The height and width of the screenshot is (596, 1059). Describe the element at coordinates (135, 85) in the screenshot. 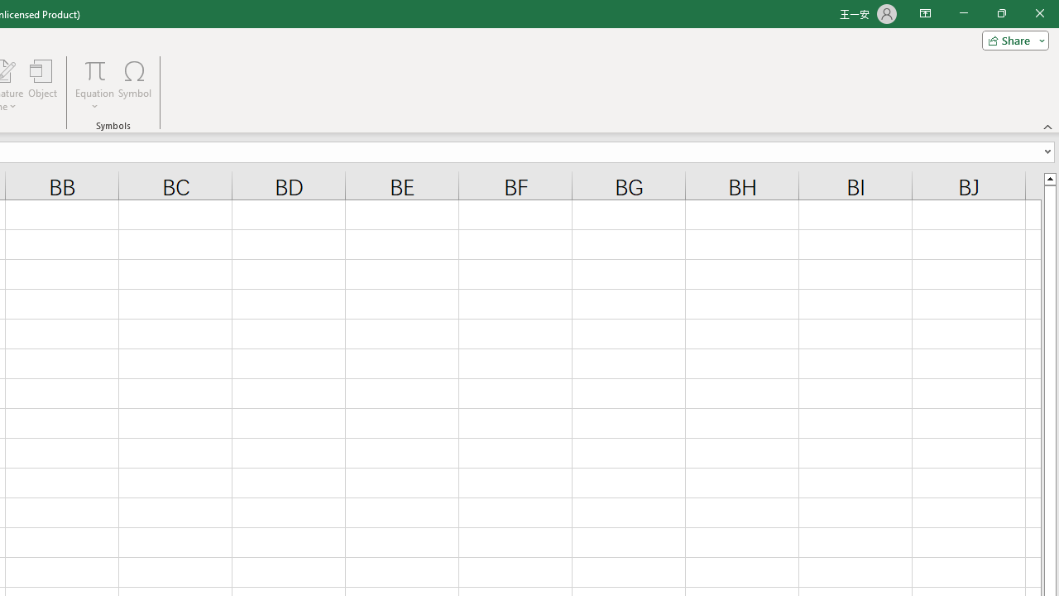

I see `'Symbol...'` at that location.